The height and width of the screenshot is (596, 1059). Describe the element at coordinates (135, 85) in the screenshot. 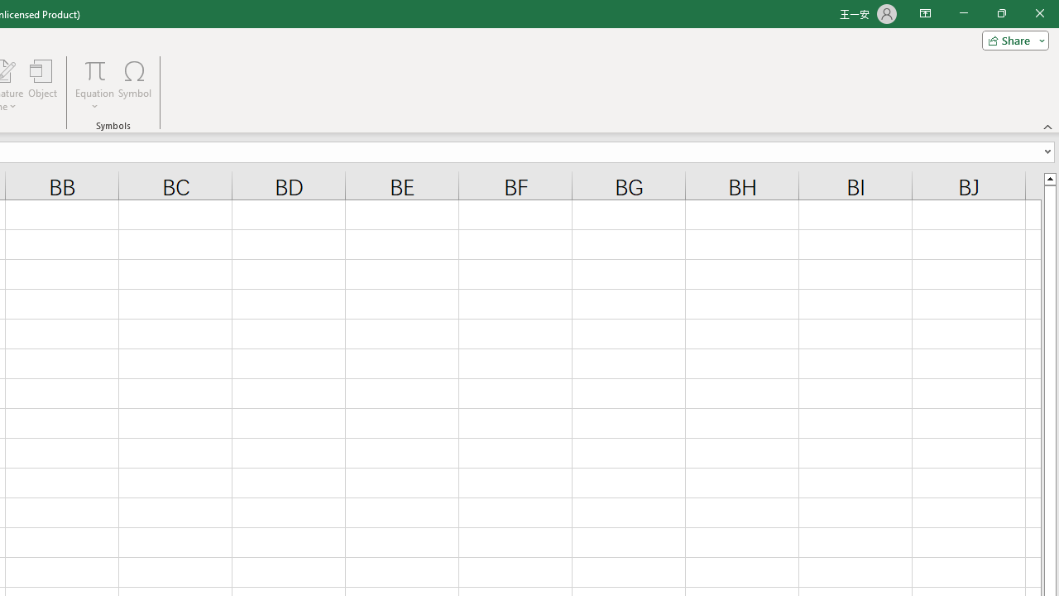

I see `'Symbol...'` at that location.